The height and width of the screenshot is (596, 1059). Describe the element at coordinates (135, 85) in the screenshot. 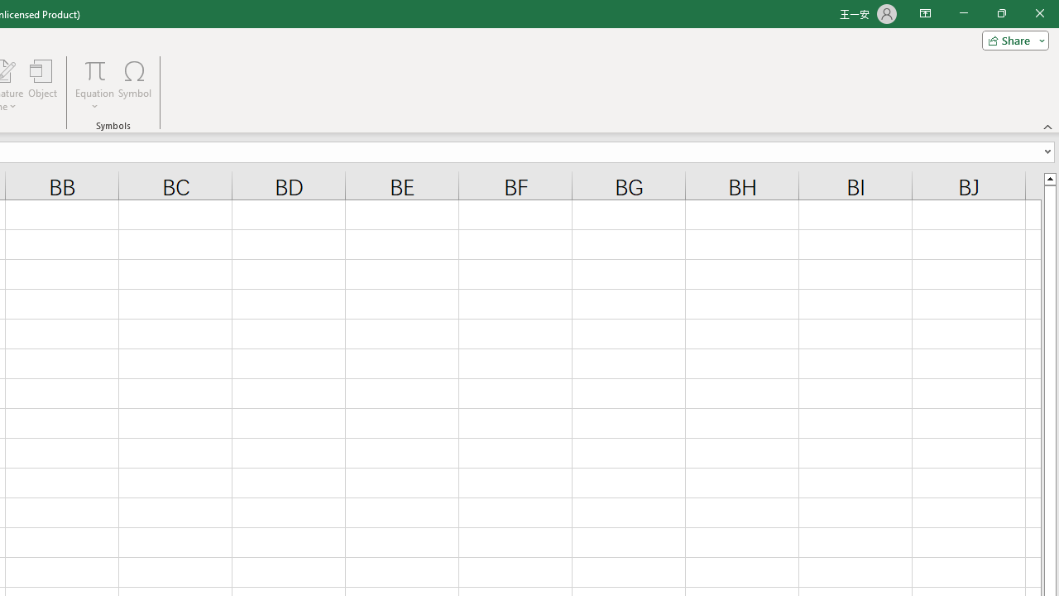

I see `'Symbol...'` at that location.